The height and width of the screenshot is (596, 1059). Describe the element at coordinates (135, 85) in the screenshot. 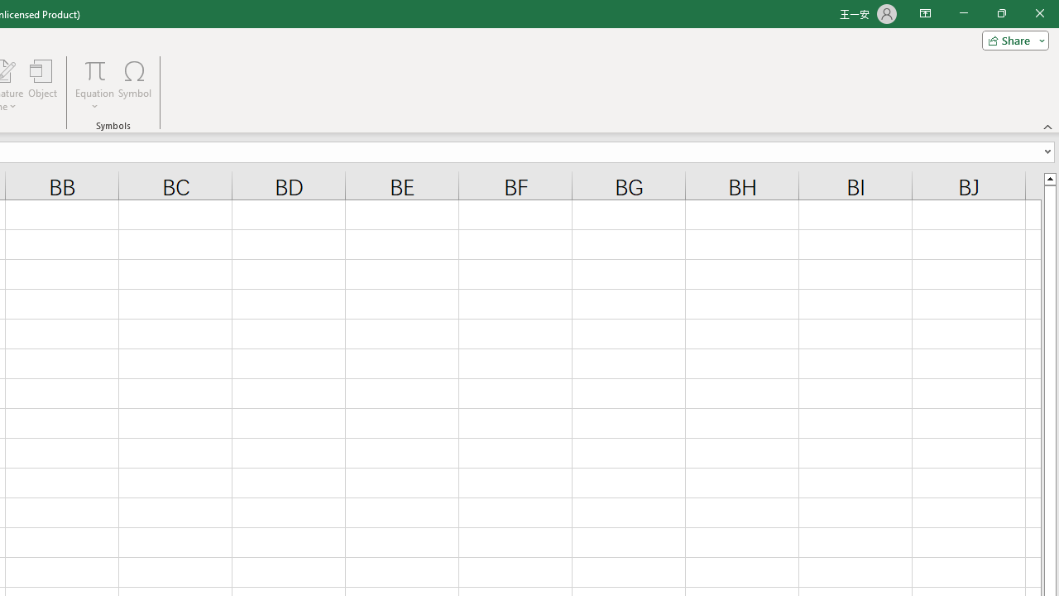

I see `'Symbol...'` at that location.